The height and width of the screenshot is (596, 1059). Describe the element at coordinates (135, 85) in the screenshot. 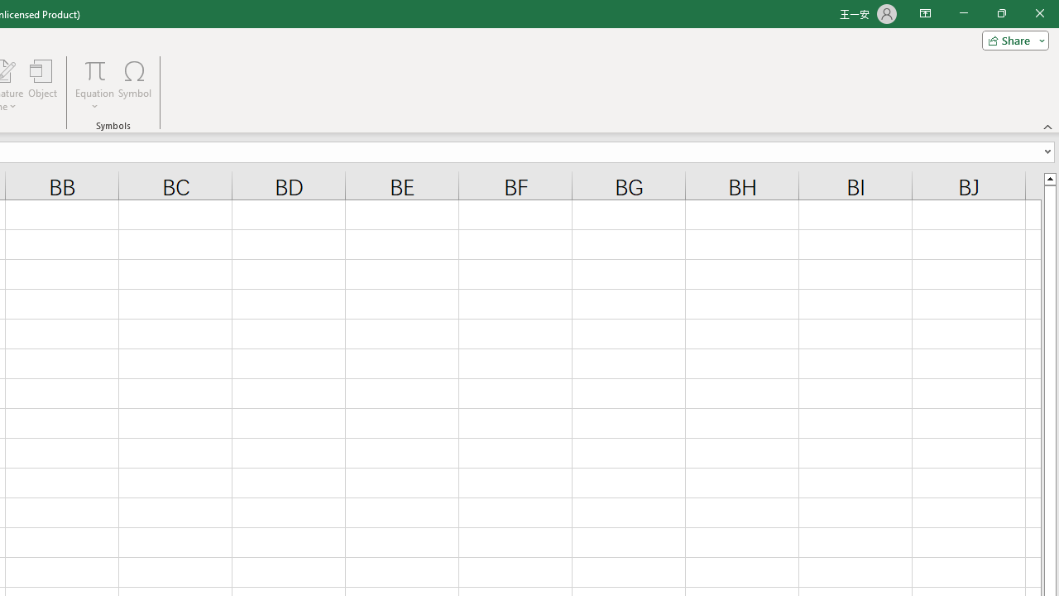

I see `'Symbol...'` at that location.